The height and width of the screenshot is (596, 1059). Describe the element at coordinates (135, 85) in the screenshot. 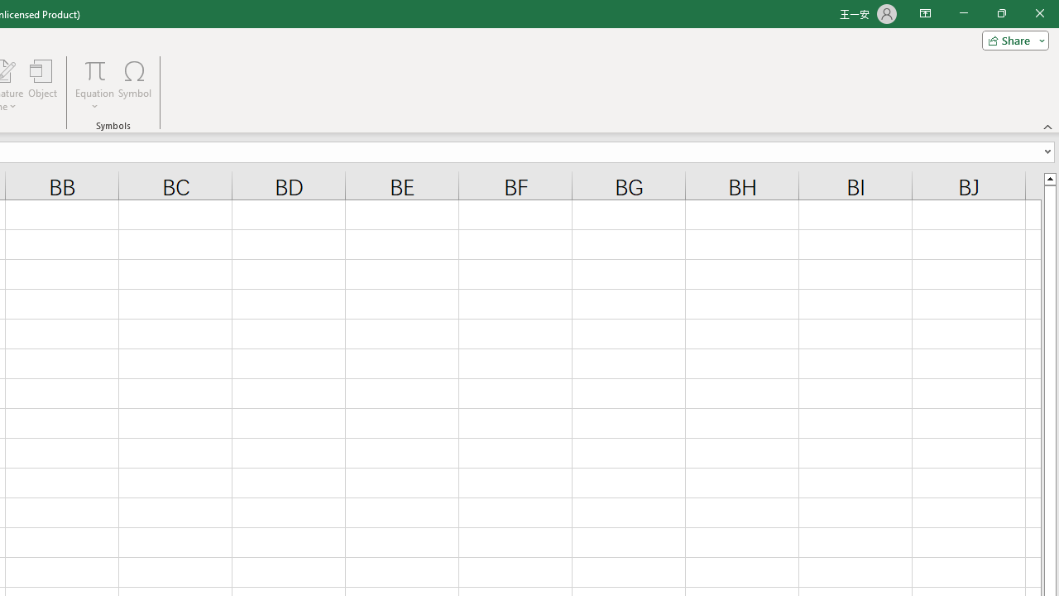

I see `'Symbol...'` at that location.